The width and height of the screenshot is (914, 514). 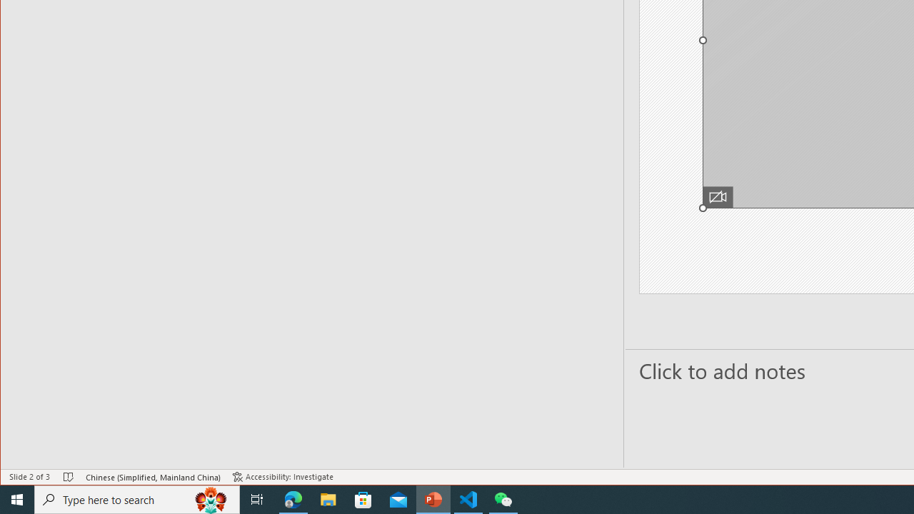 What do you see at coordinates (468, 498) in the screenshot?
I see `'Visual Studio Code - 1 running window'` at bounding box center [468, 498].